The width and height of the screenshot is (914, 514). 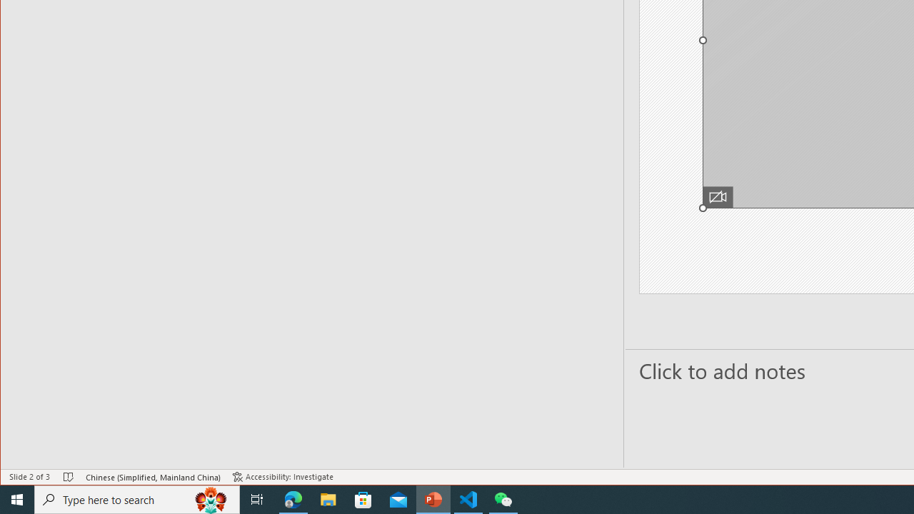 What do you see at coordinates (468, 498) in the screenshot?
I see `'Visual Studio Code - 1 running window'` at bounding box center [468, 498].